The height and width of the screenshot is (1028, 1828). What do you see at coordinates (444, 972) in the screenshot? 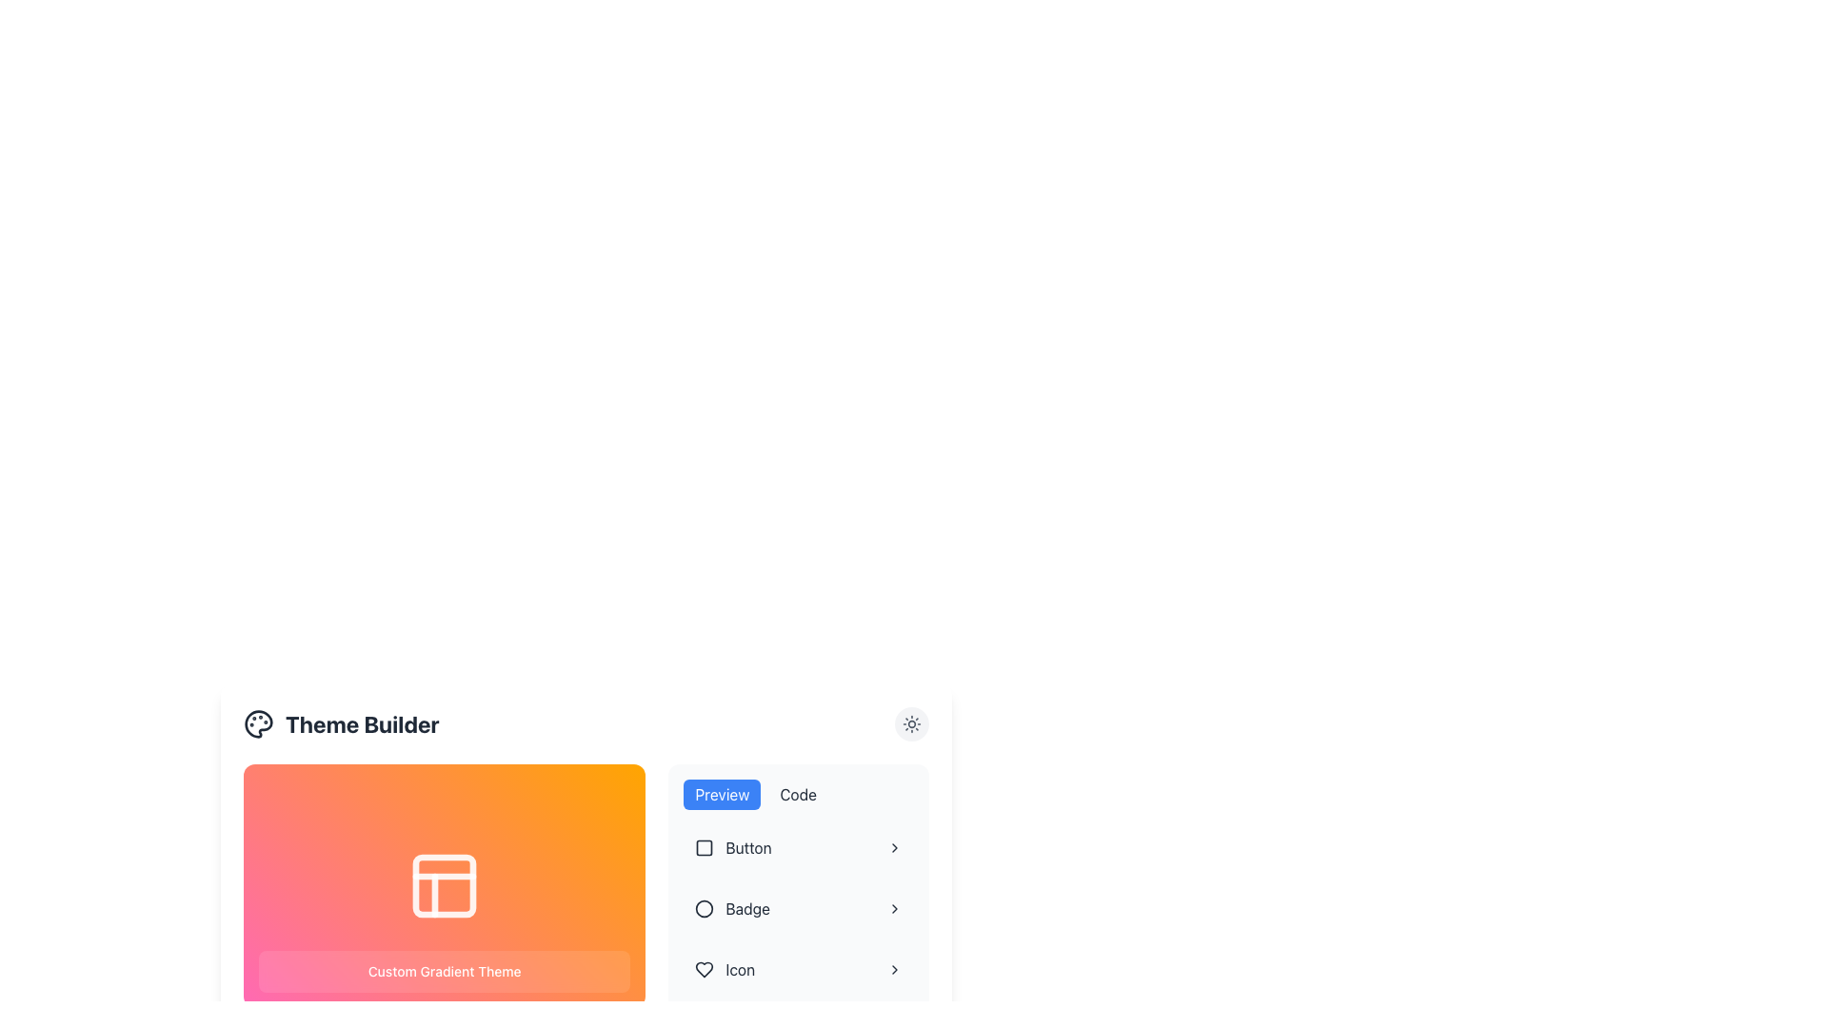
I see `the text label reading 'Custom Gradient Theme' which is centrally located within a horizontally-oriented box at the bottom of a gradient-themed card under the 'Theme Builder' heading` at bounding box center [444, 972].